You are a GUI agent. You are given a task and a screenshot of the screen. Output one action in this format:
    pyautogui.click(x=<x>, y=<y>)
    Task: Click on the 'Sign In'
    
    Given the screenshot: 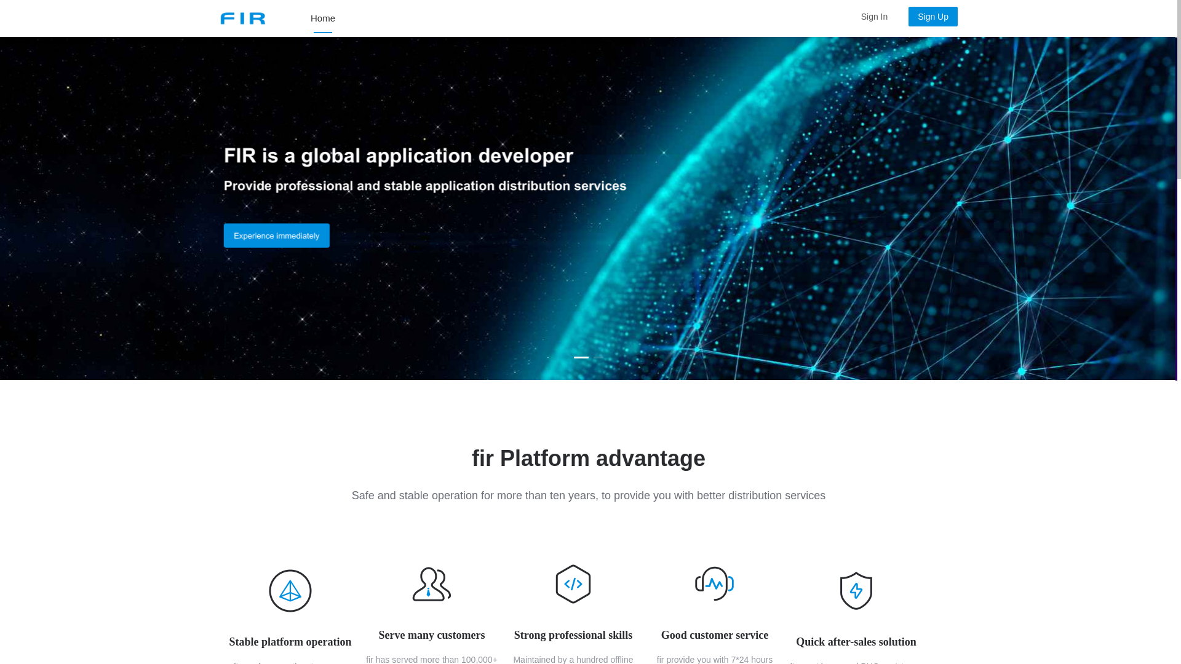 What is the action you would take?
    pyautogui.click(x=873, y=17)
    